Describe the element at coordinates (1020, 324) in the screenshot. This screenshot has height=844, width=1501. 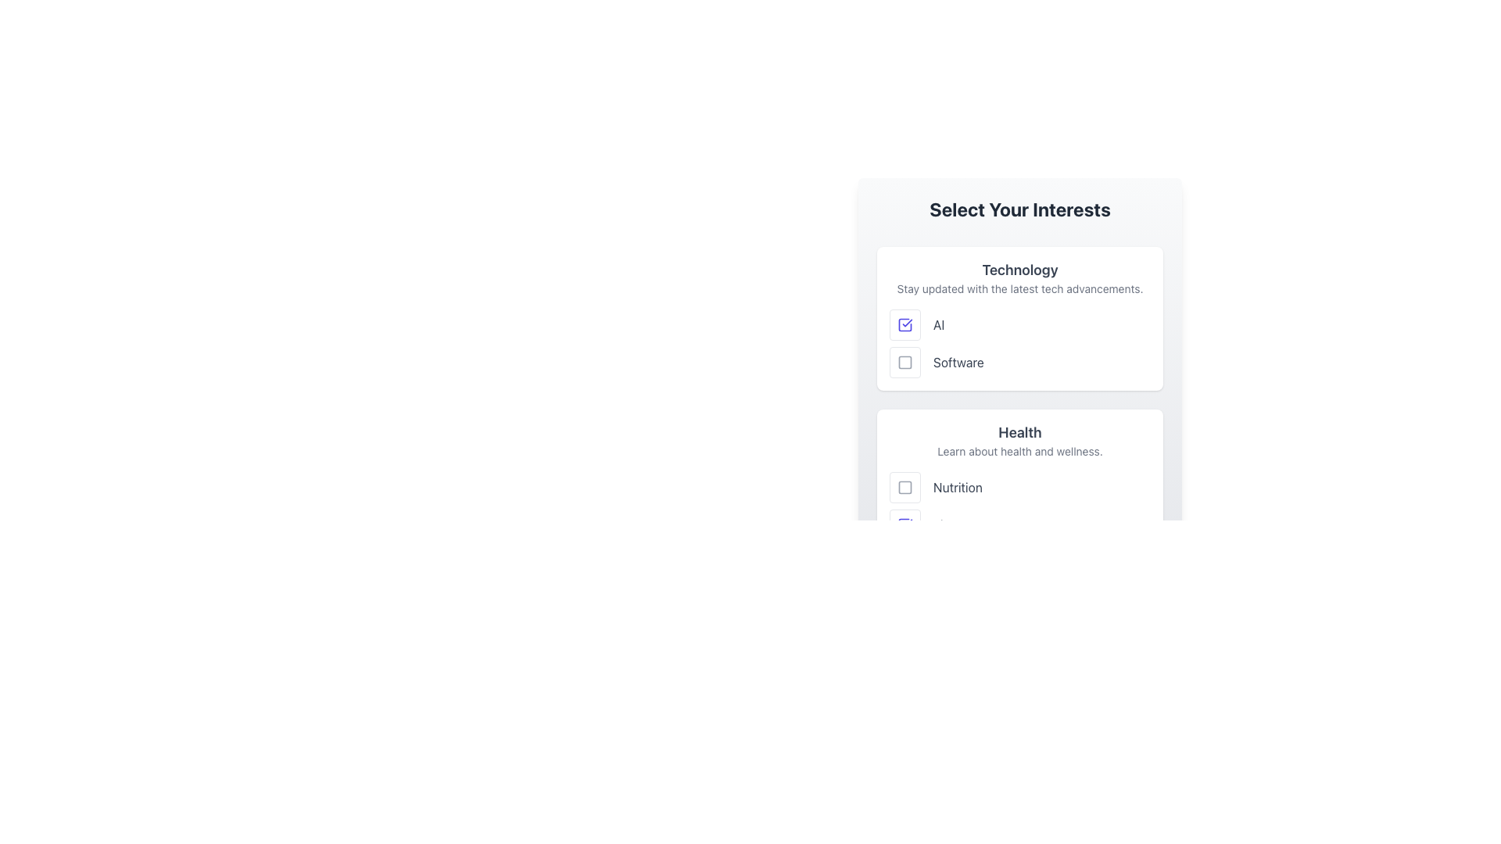
I see `the checkbox item for the 'AI' topic under the 'Technology' category, which is the first item in the list` at that location.